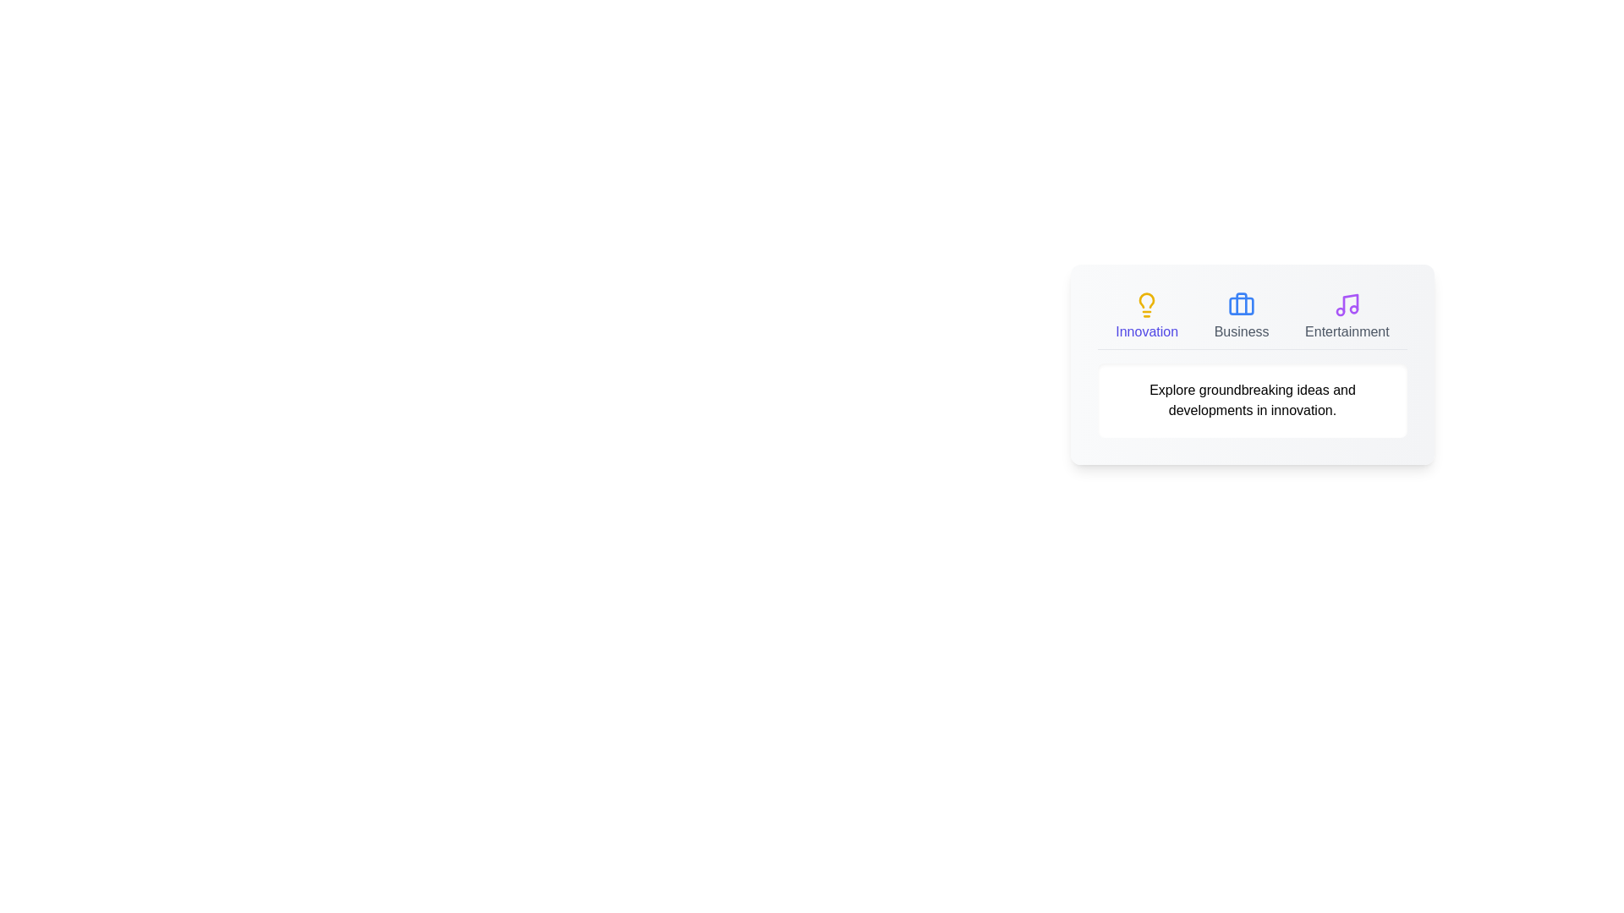 The image size is (1624, 913). Describe the element at coordinates (1242, 316) in the screenshot. I see `the Business tab to view its content` at that location.